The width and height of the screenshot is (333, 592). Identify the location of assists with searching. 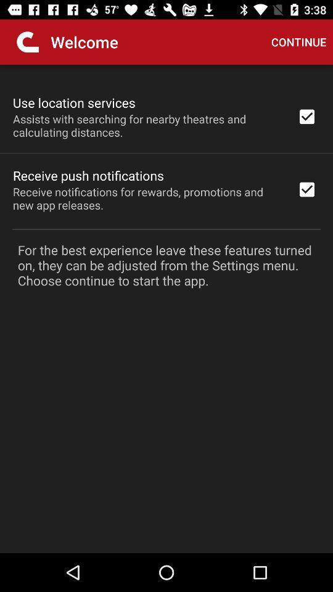
(147, 125).